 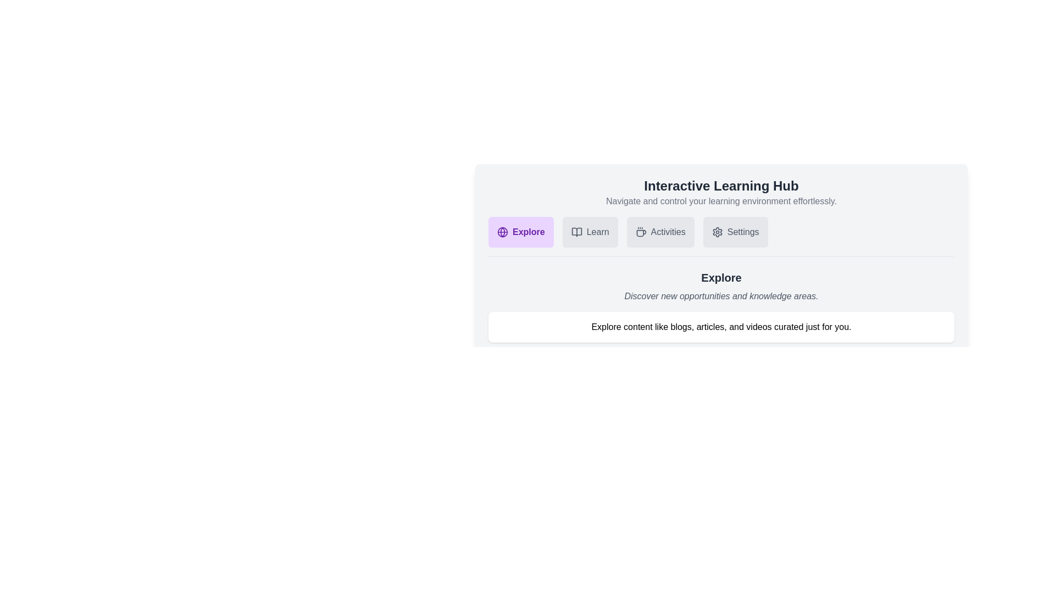 What do you see at coordinates (721, 327) in the screenshot?
I see `the informational text block located below the phrase 'Discover new opportunities and knowledge areas.' in the 'Explore' section` at bounding box center [721, 327].